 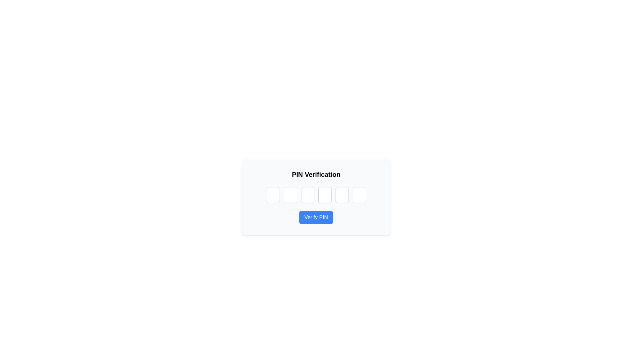 What do you see at coordinates (316, 174) in the screenshot?
I see `the 'PIN Verification' text label, which is bold and large, located at the top of the card above the PIN input boxes and 'Verify PIN' button` at bounding box center [316, 174].